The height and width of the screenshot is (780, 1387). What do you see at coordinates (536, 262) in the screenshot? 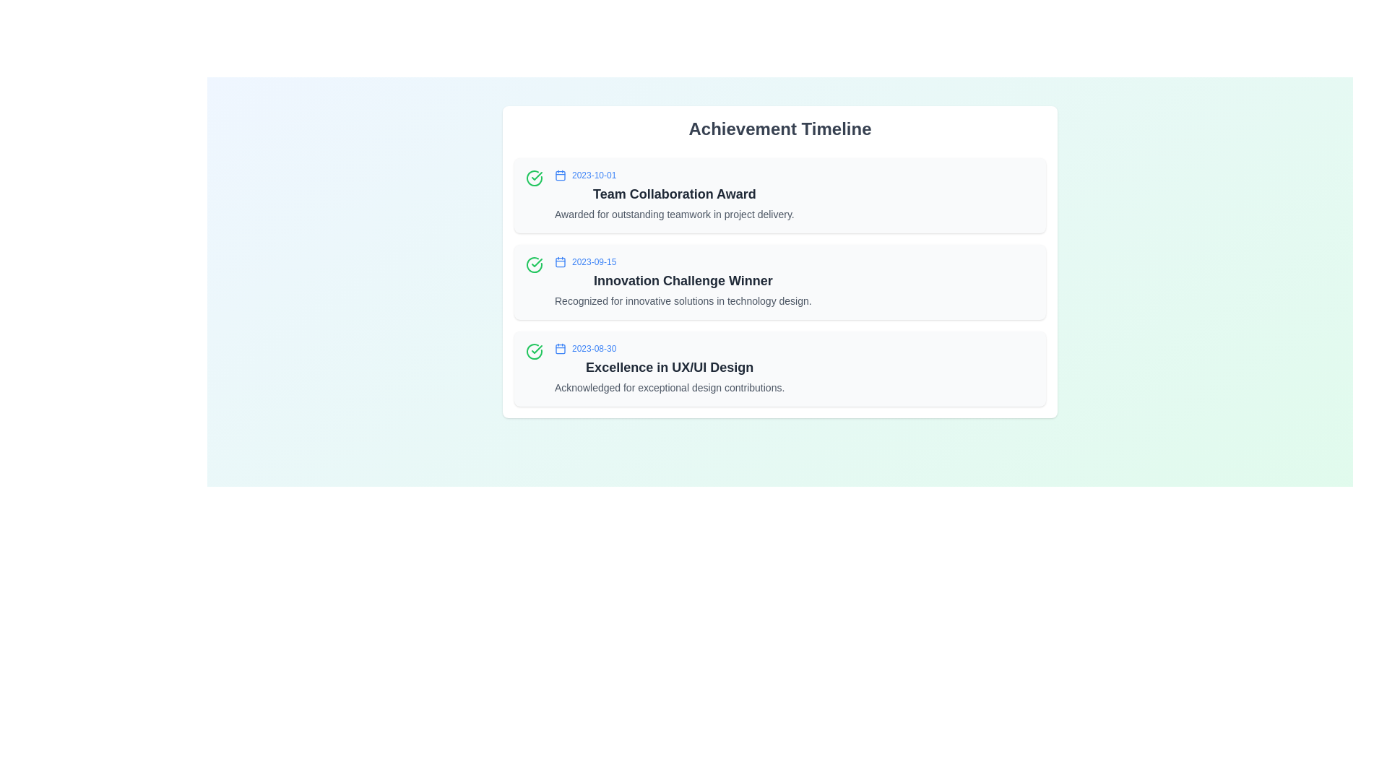
I see `the graphical checkmark icon within the green stroke circle, which is the second segment of the SVG in the interface's timeline entry` at bounding box center [536, 262].